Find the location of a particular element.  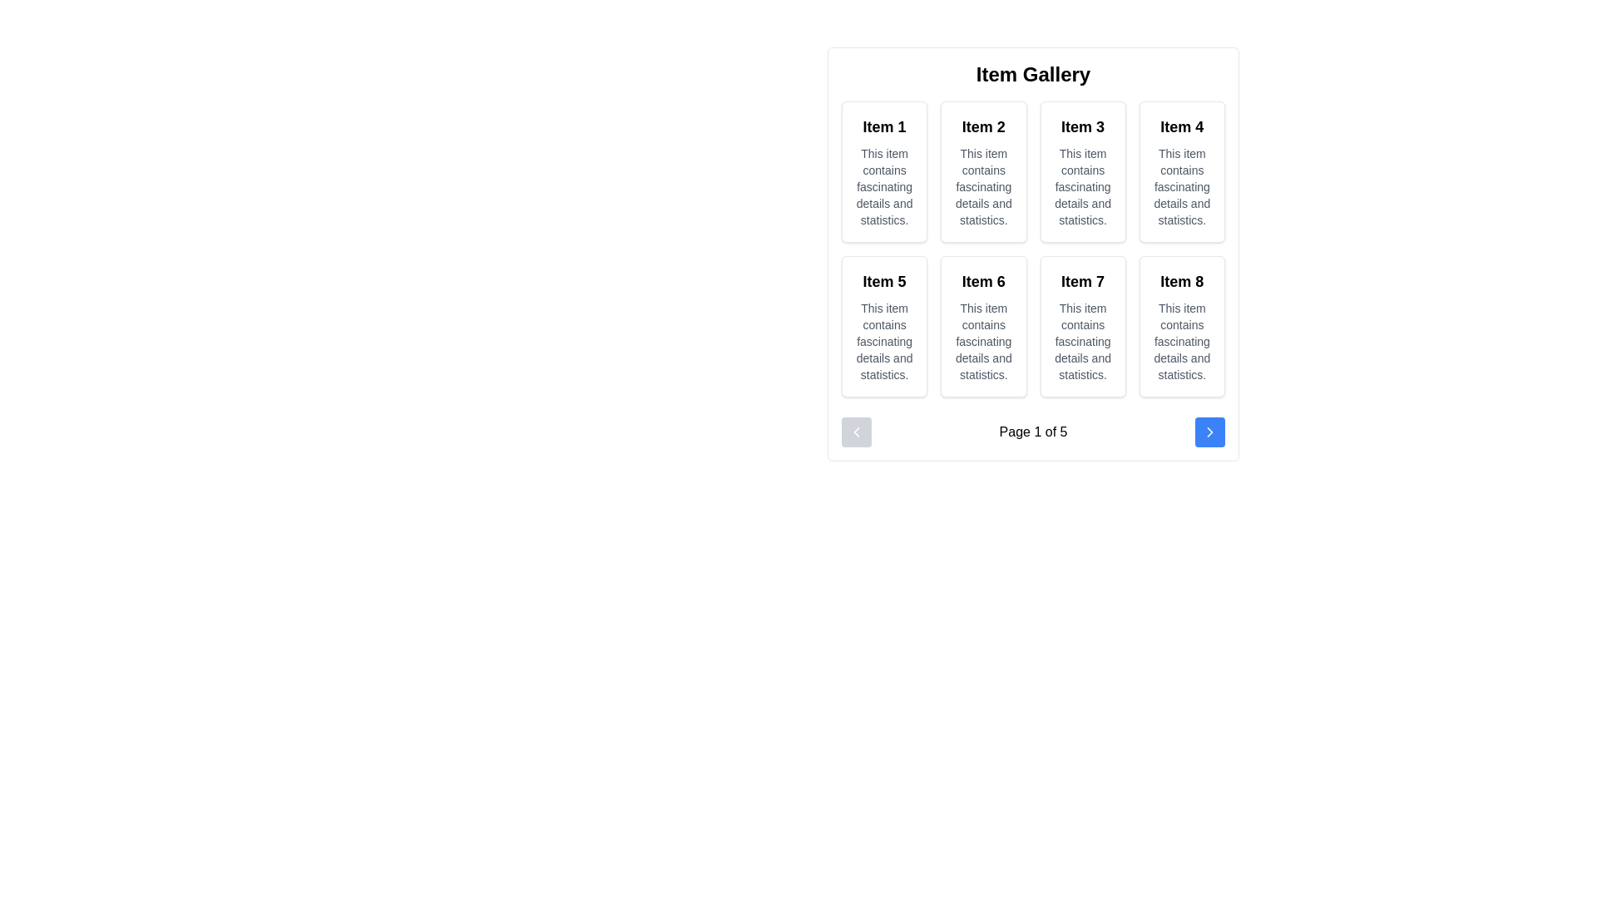

the Informational card titled 'Item 4' located in the first row, fourth column of the grid layout is located at coordinates (1181, 172).